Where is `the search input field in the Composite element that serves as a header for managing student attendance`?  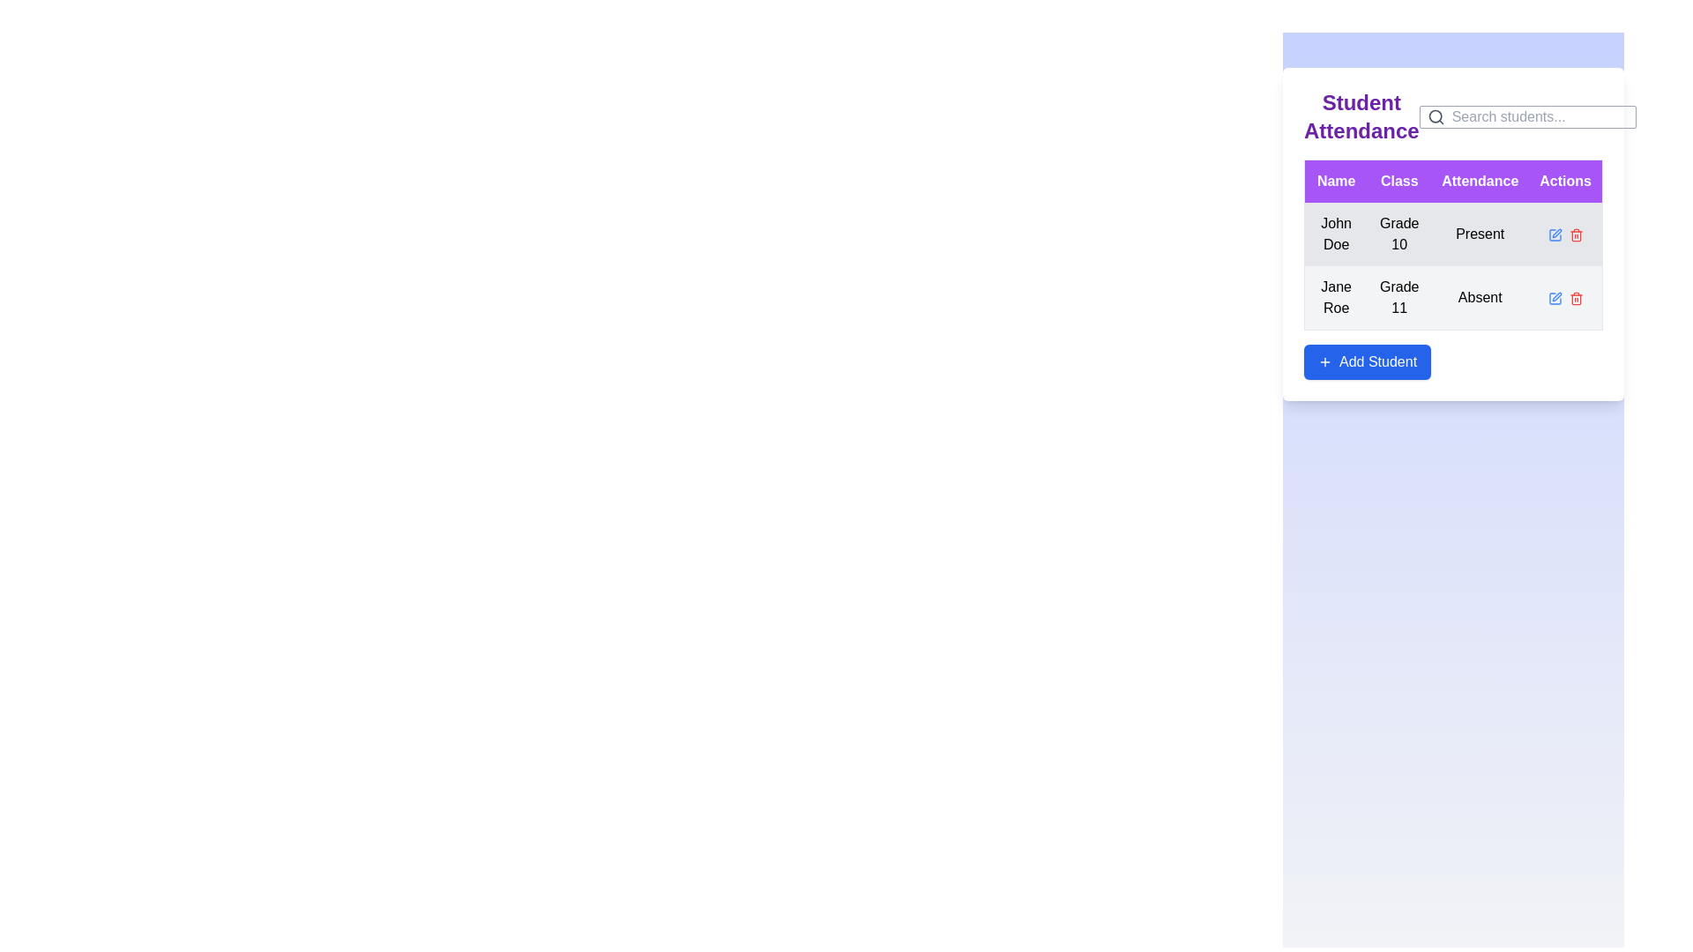 the search input field in the Composite element that serves as a header for managing student attendance is located at coordinates (1453, 123).